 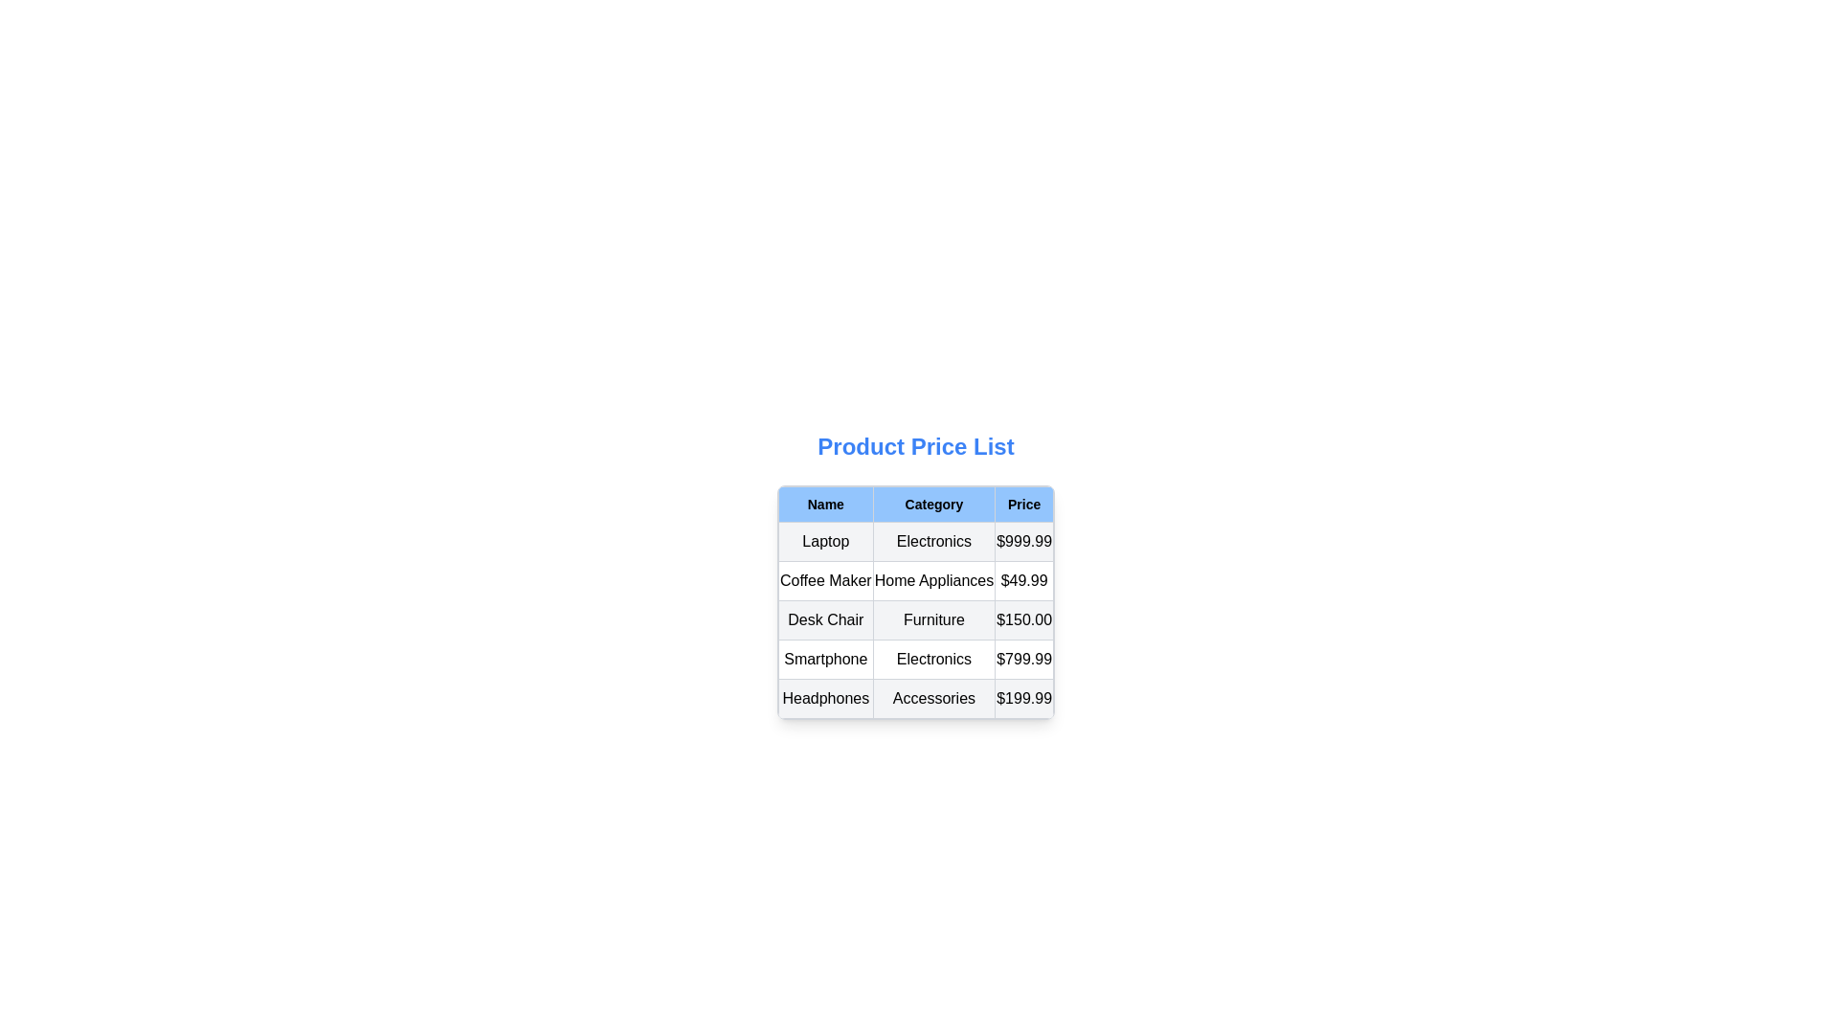 What do you see at coordinates (933, 542) in the screenshot?
I see `the 'Electronics' category label located in the 'Category' column of the table under the 'Laptop' row` at bounding box center [933, 542].